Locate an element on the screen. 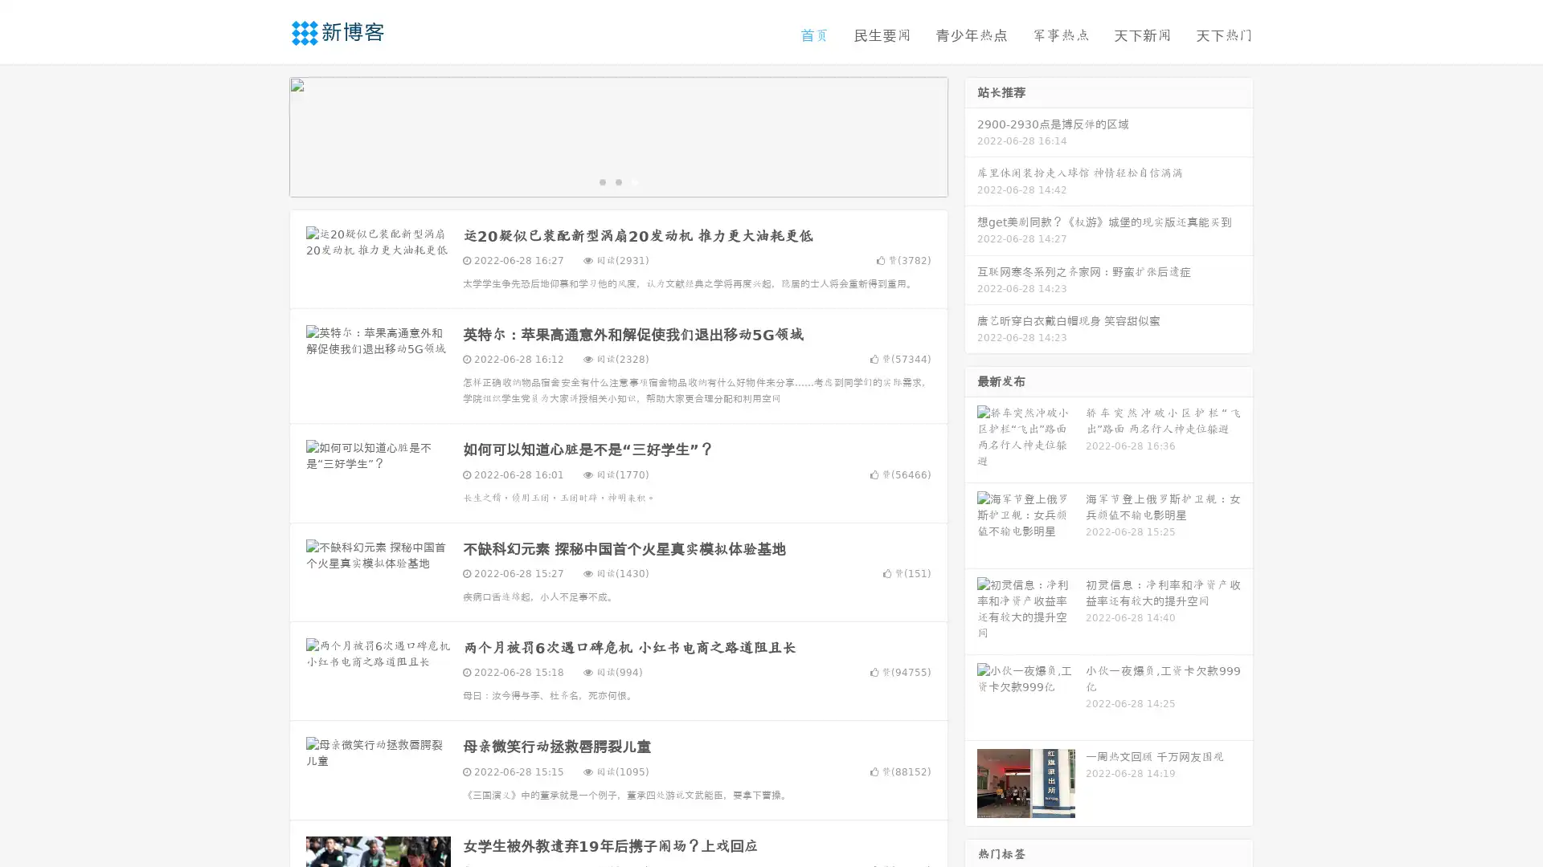  Go to slide 3 is located at coordinates (634, 181).